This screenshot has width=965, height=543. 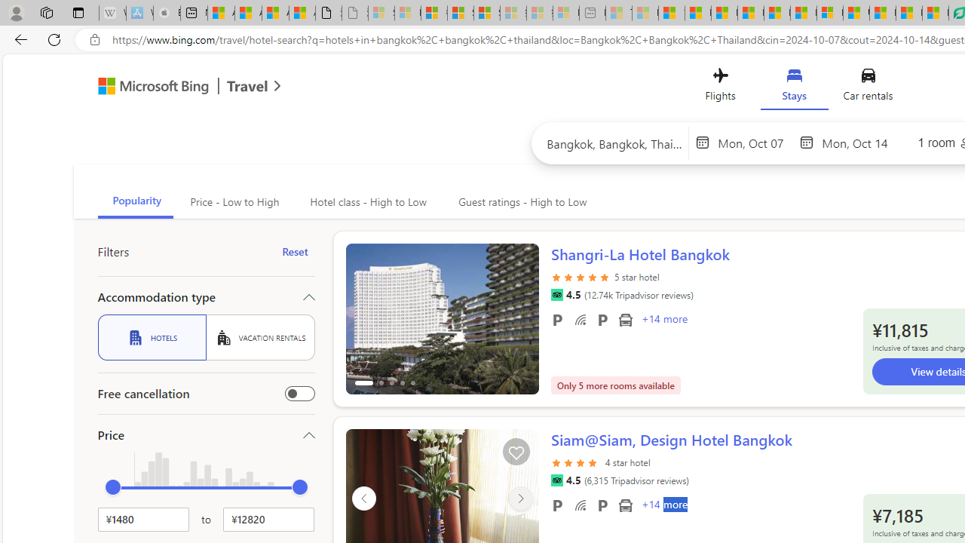 I want to click on 'Aberdeen, Hong Kong SAR weather forecast | Microsoft Weather', so click(x=248, y=13).